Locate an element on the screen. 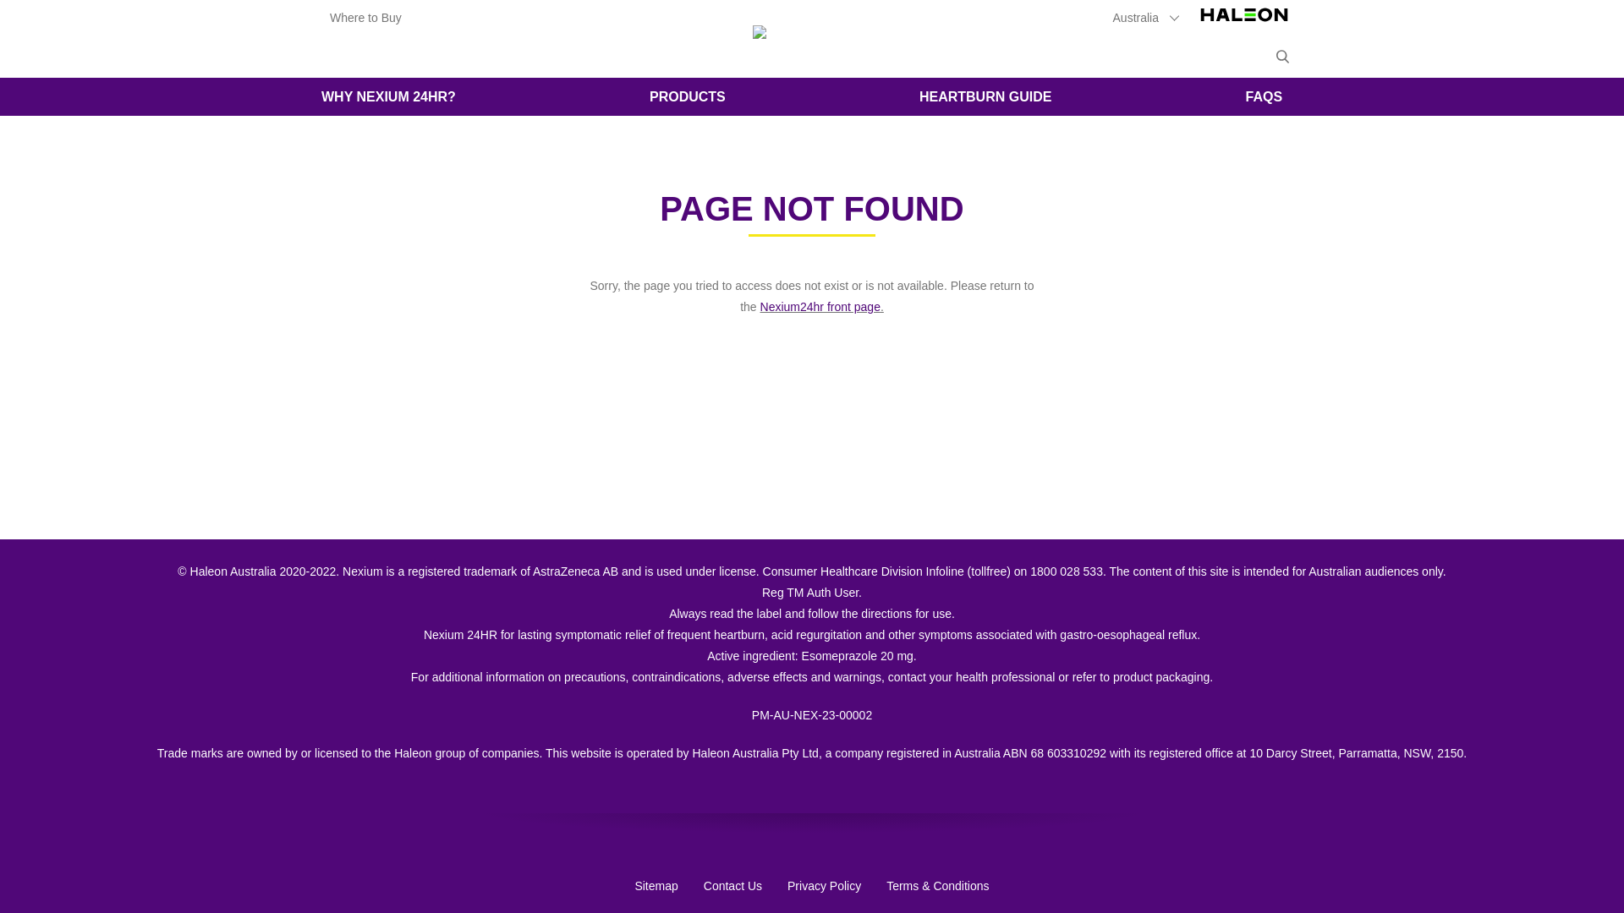  'WHY NEXIUM 24HR?' is located at coordinates (387, 96).